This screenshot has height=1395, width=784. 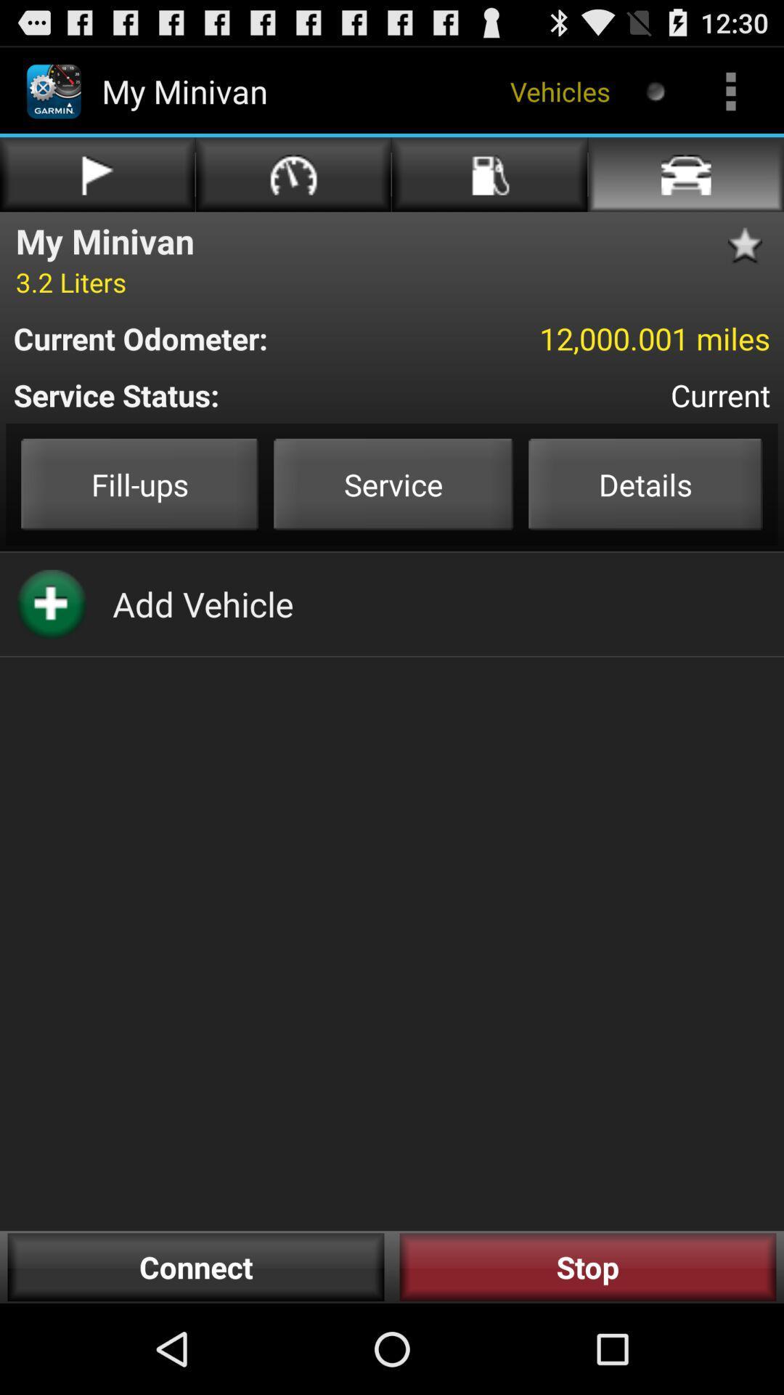 What do you see at coordinates (196, 1266) in the screenshot?
I see `the button next to stop icon` at bounding box center [196, 1266].